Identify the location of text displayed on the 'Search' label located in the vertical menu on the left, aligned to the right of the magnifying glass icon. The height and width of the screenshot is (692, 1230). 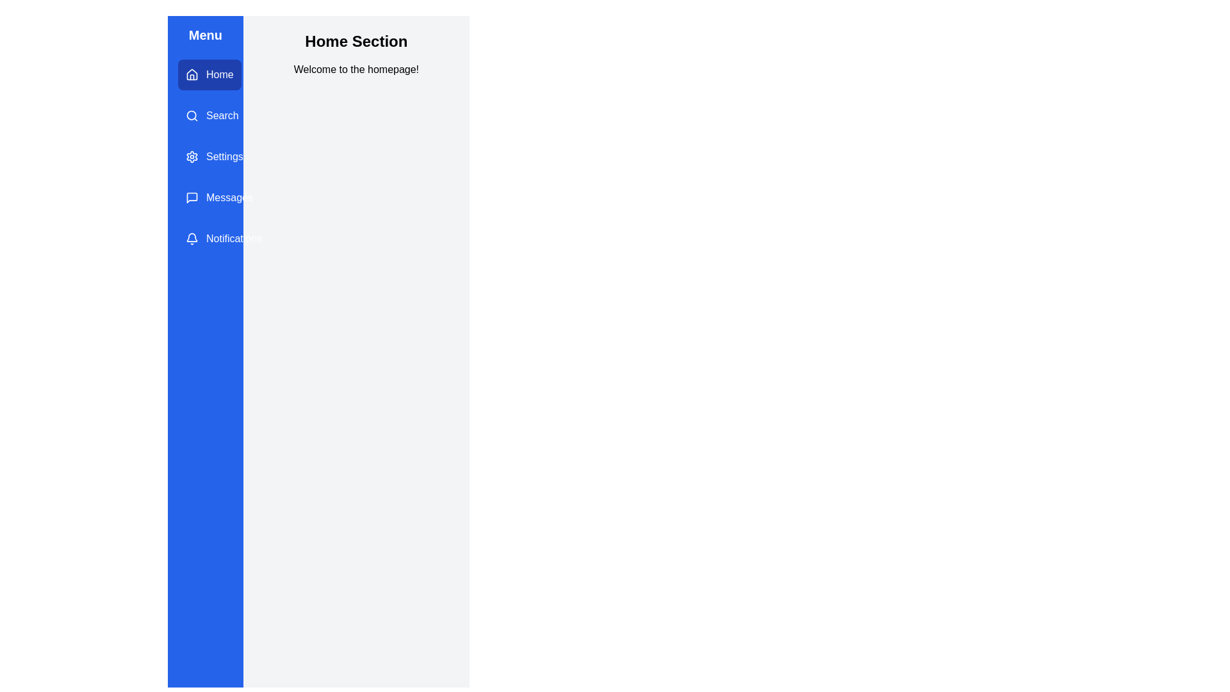
(222, 116).